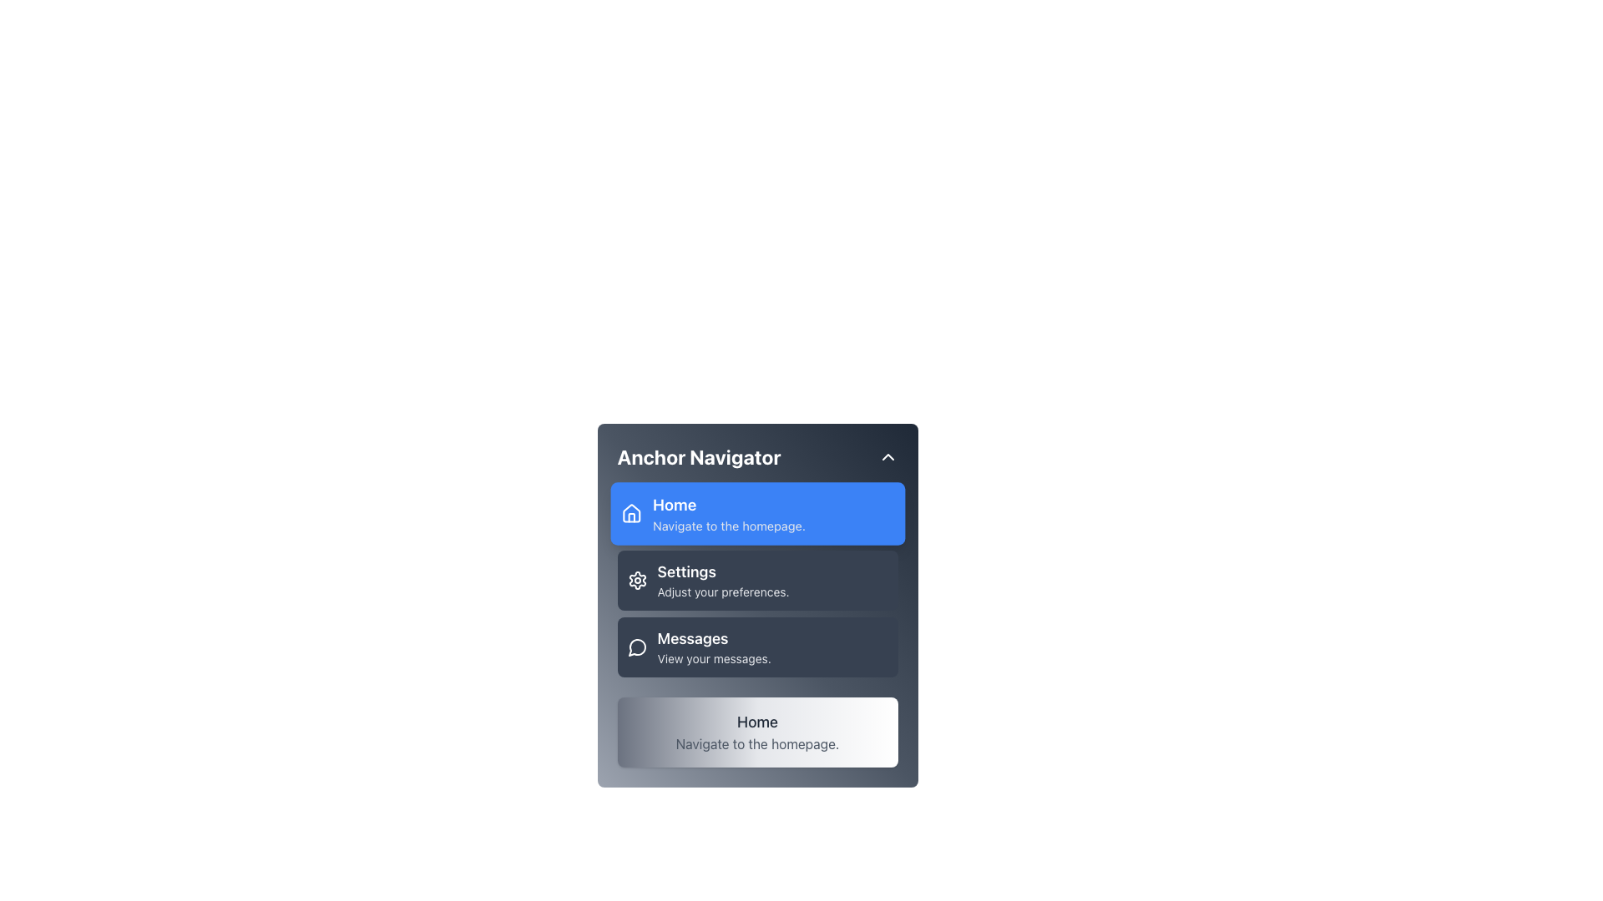 The height and width of the screenshot is (901, 1603). Describe the element at coordinates (756, 732) in the screenshot. I see `the non-interactive informational card indicating the 'Home' section of the interface, located at the bottom of the list of navigation options in the 'Anchor Navigator'` at that location.